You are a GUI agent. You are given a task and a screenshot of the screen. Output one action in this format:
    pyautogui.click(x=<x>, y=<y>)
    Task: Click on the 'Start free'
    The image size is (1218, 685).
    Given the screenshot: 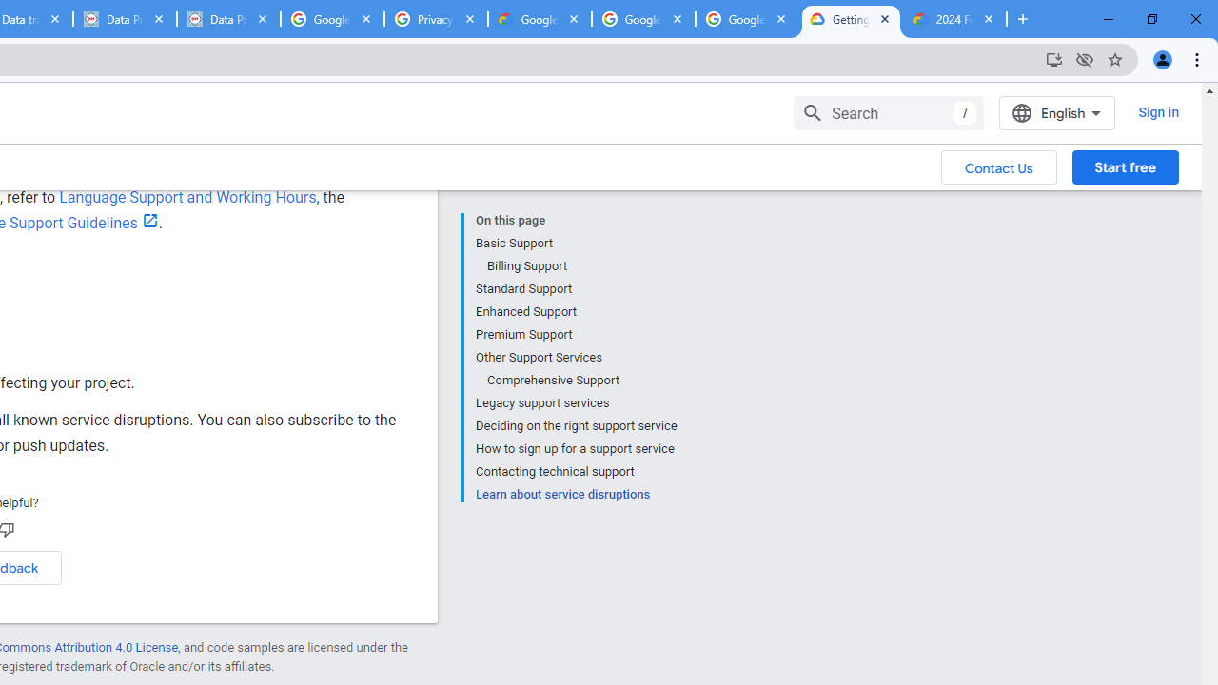 What is the action you would take?
    pyautogui.click(x=1125, y=166)
    